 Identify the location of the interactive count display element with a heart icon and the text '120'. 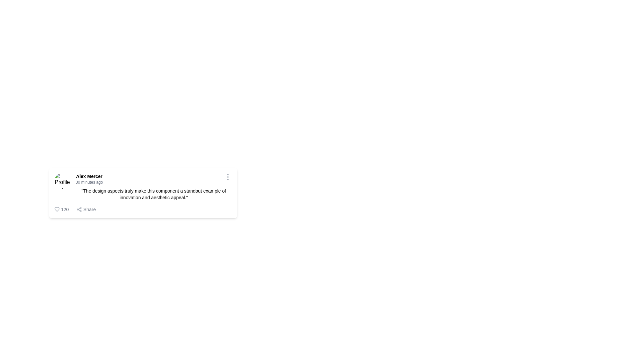
(61, 209).